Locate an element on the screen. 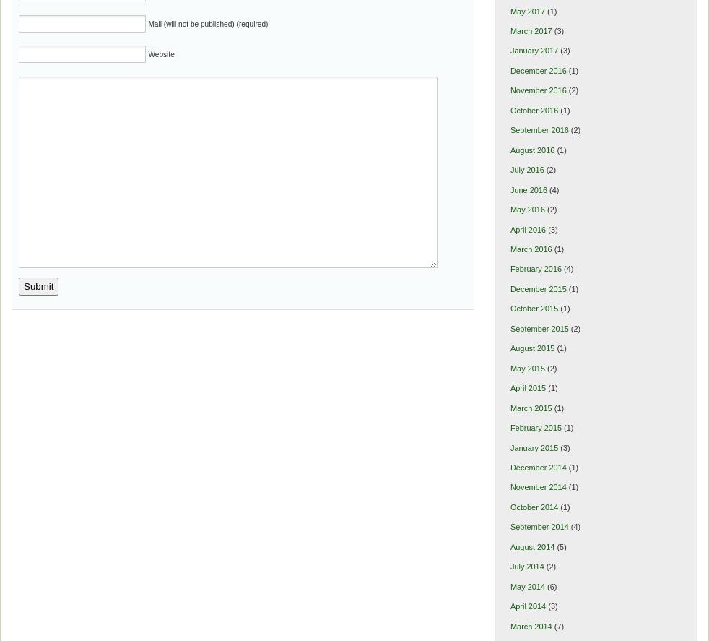 This screenshot has height=641, width=709. 'April 2015' is located at coordinates (527, 387).